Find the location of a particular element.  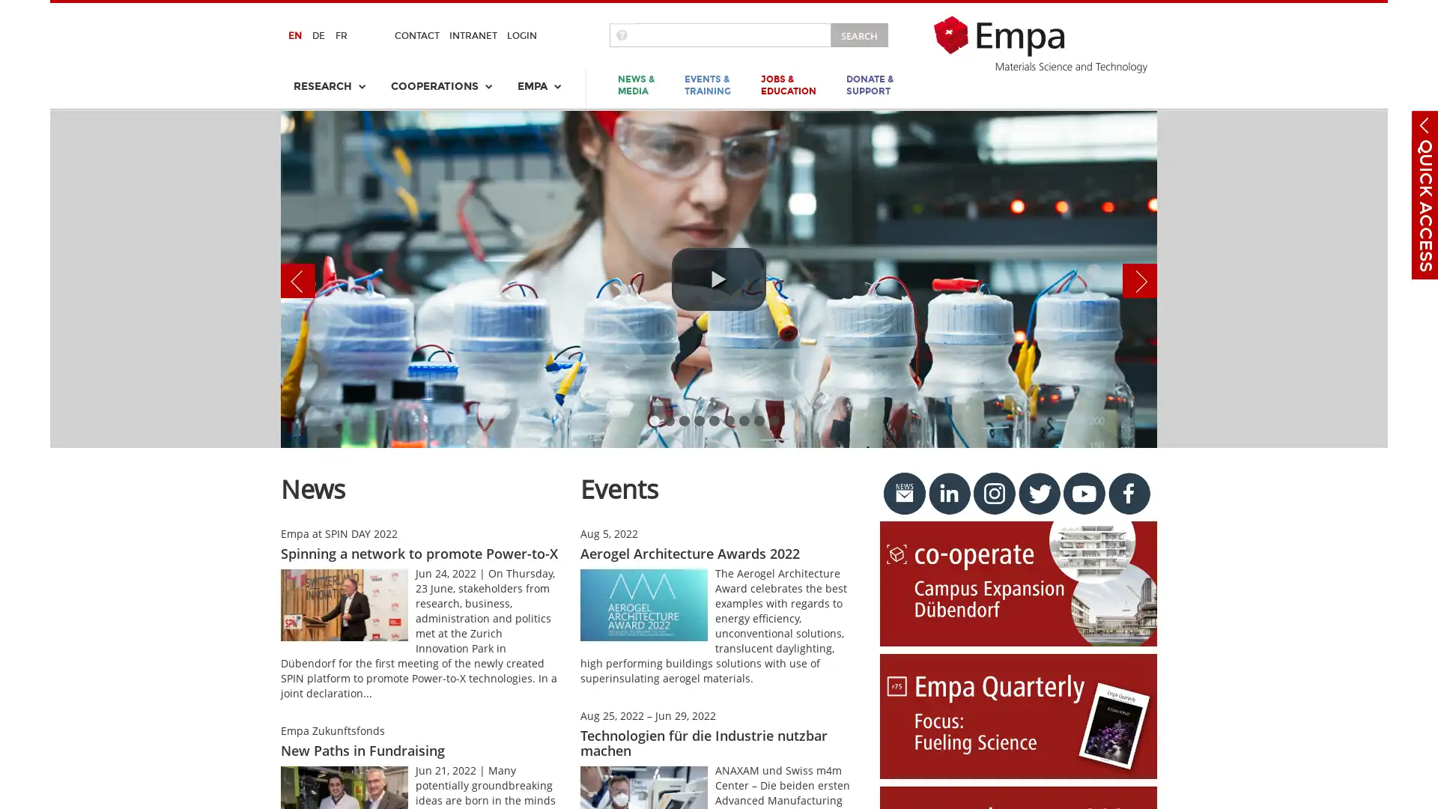

SEARCH is located at coordinates (859, 34).